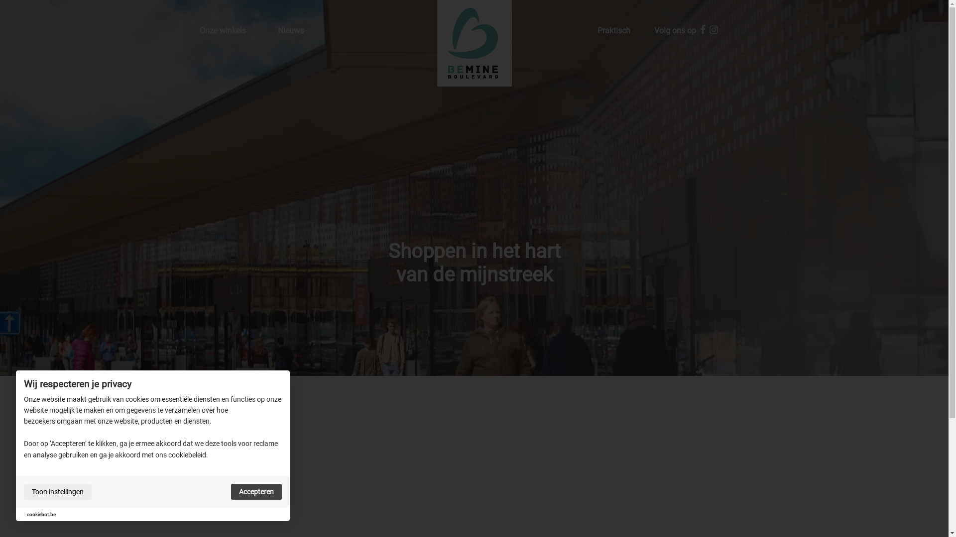  Describe the element at coordinates (57, 491) in the screenshot. I see `'Toon instellingen'` at that location.